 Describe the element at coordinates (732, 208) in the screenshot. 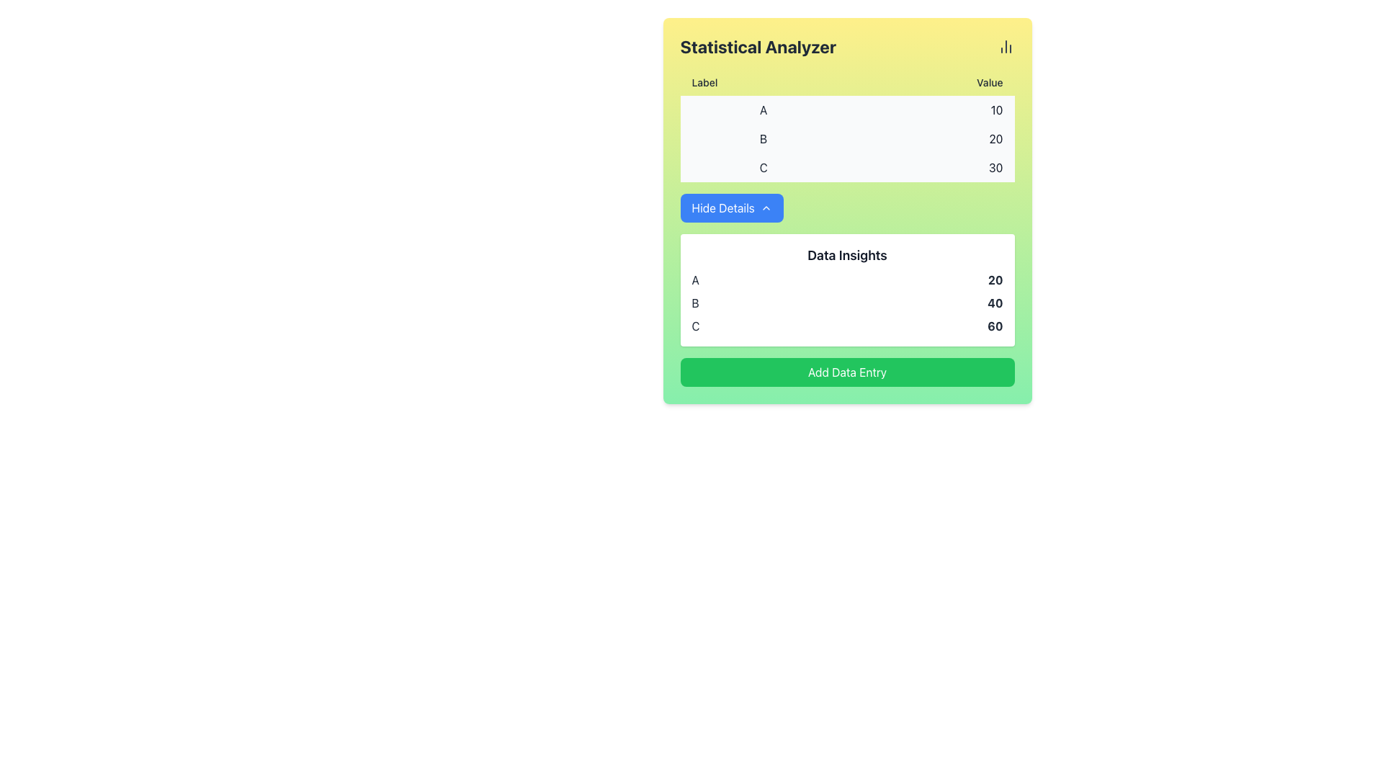

I see `the 'Hide Details' button, which has a blue background and white text` at that location.